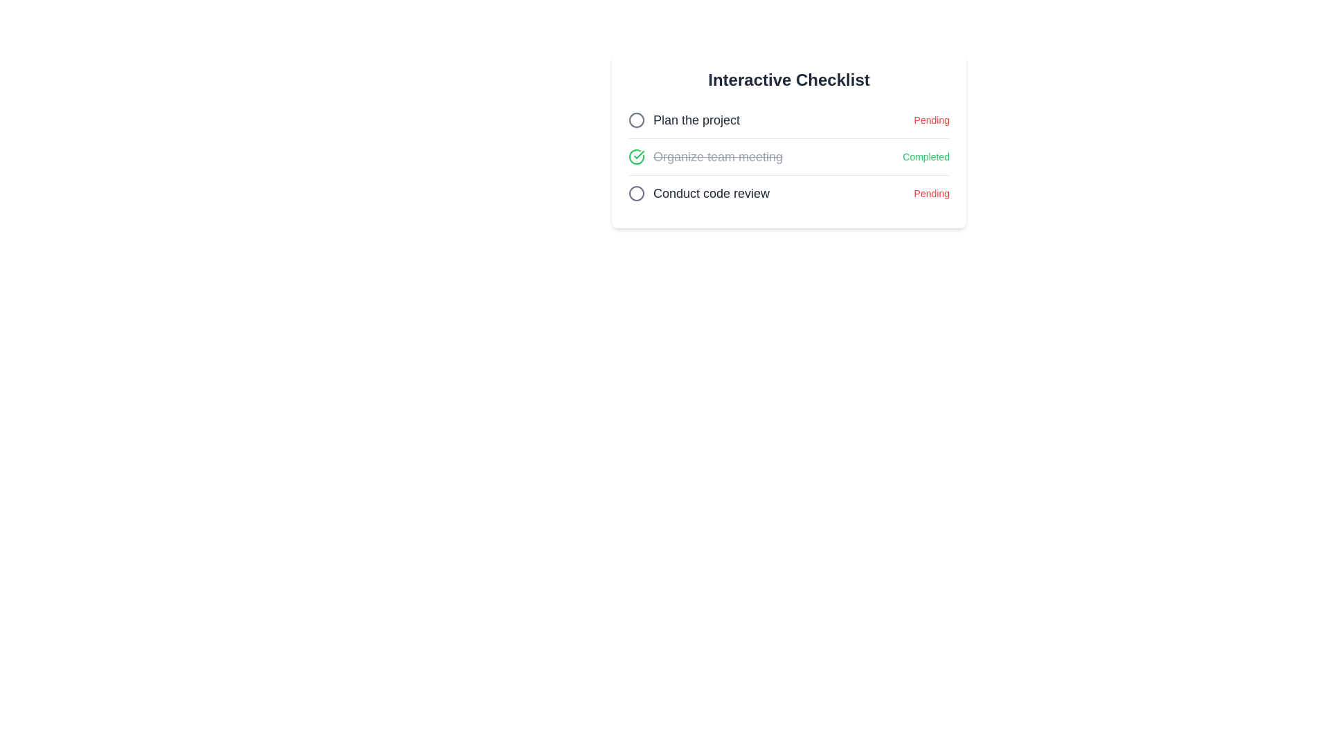 The height and width of the screenshot is (747, 1329). I want to click on the 'Completed' text label in the Interactive Checklist component, which indicates a task that has been marked as completed and is located between 'Plan the project' and 'Conduct code review', so click(705, 156).